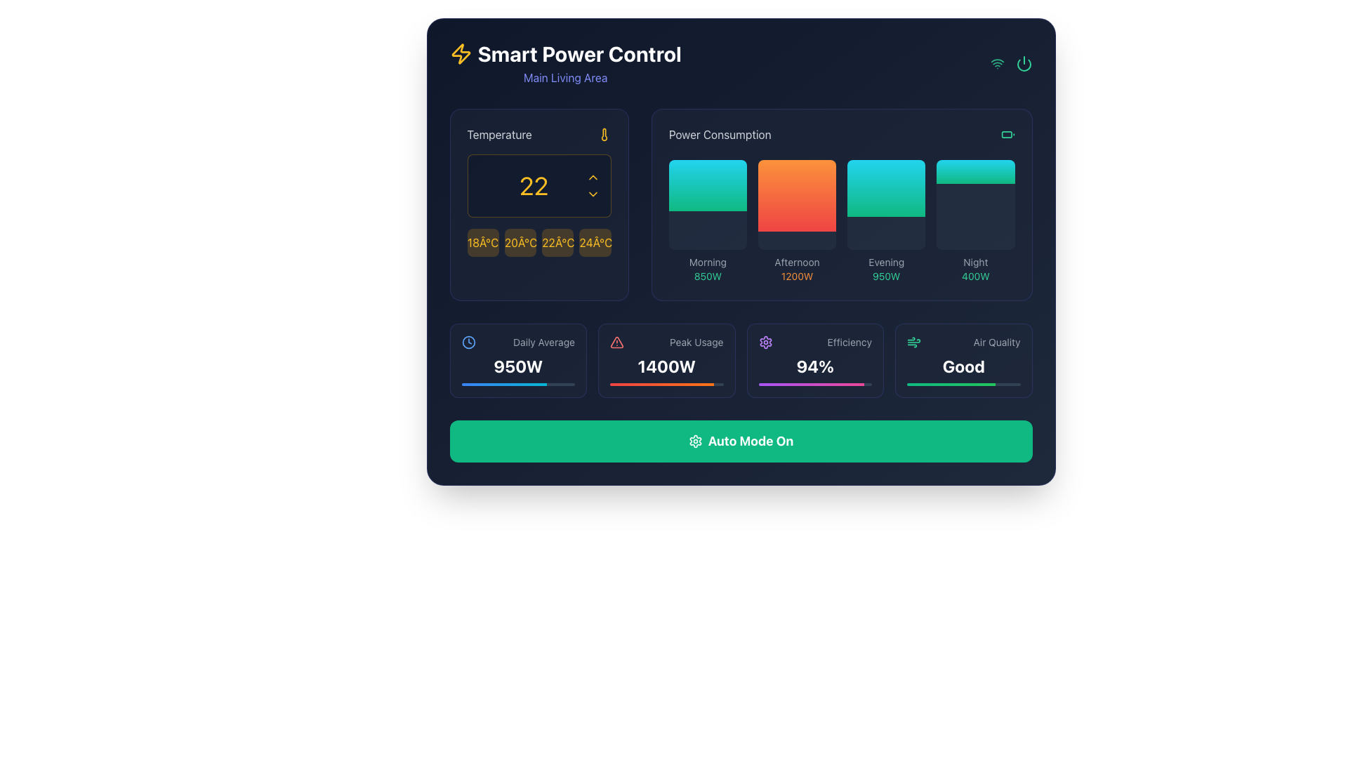  Describe the element at coordinates (565, 53) in the screenshot. I see `the bold text label "Smart Power Control" with an amber lightning bolt icon, located at the top of the interface within the header section` at that location.